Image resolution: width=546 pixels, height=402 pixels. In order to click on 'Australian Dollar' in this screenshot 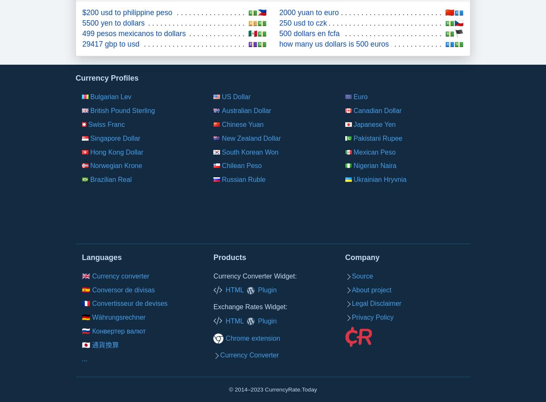, I will do `click(246, 110)`.